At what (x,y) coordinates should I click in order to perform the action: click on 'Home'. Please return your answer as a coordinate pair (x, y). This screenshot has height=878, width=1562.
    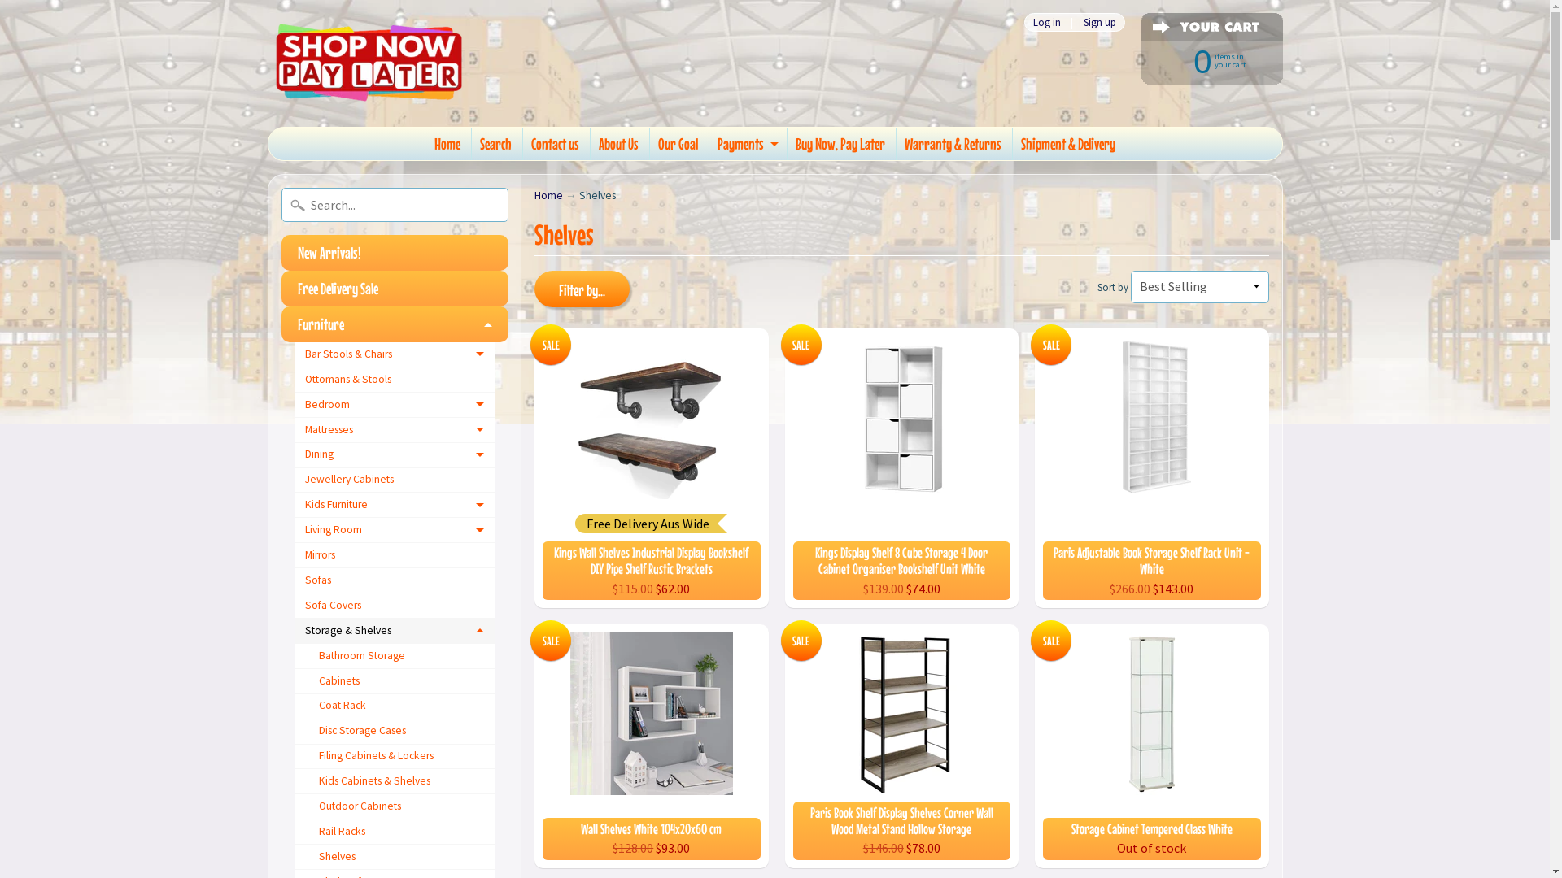
    Looking at the image, I should click on (534, 194).